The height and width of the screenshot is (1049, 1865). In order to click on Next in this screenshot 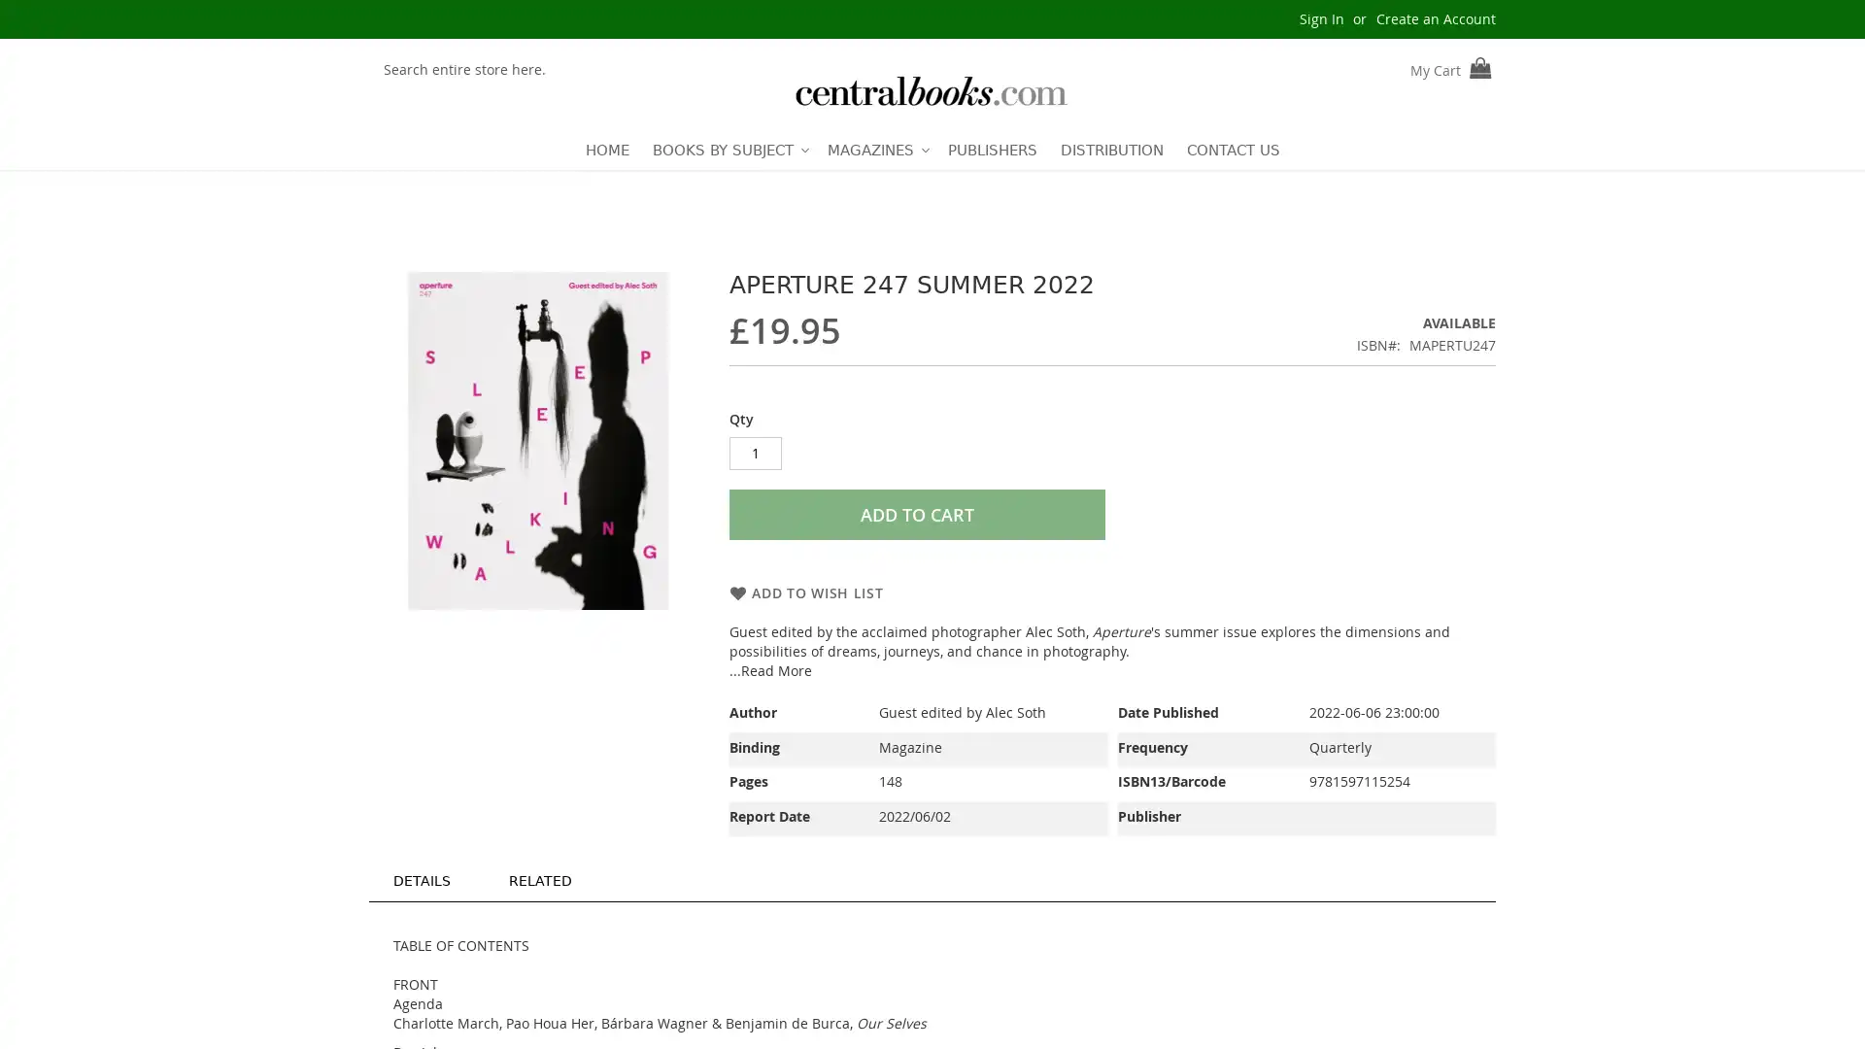, I will do `click(693, 664)`.